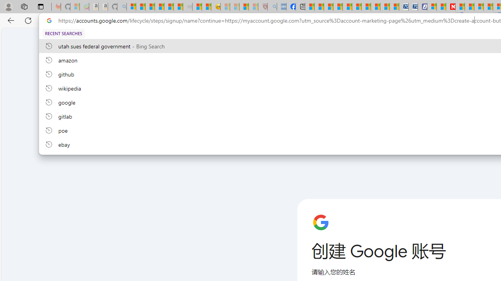  I want to click on 'Cheap Car Rentals - Save70.com', so click(404, 7).